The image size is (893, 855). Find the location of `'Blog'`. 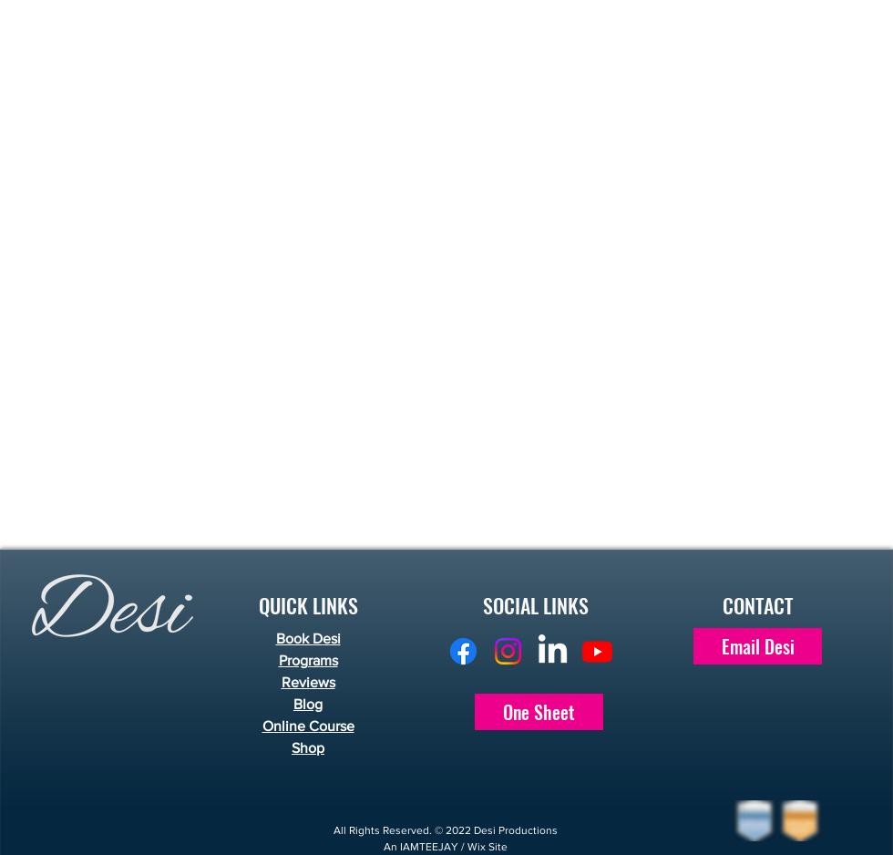

'Blog' is located at coordinates (308, 703).